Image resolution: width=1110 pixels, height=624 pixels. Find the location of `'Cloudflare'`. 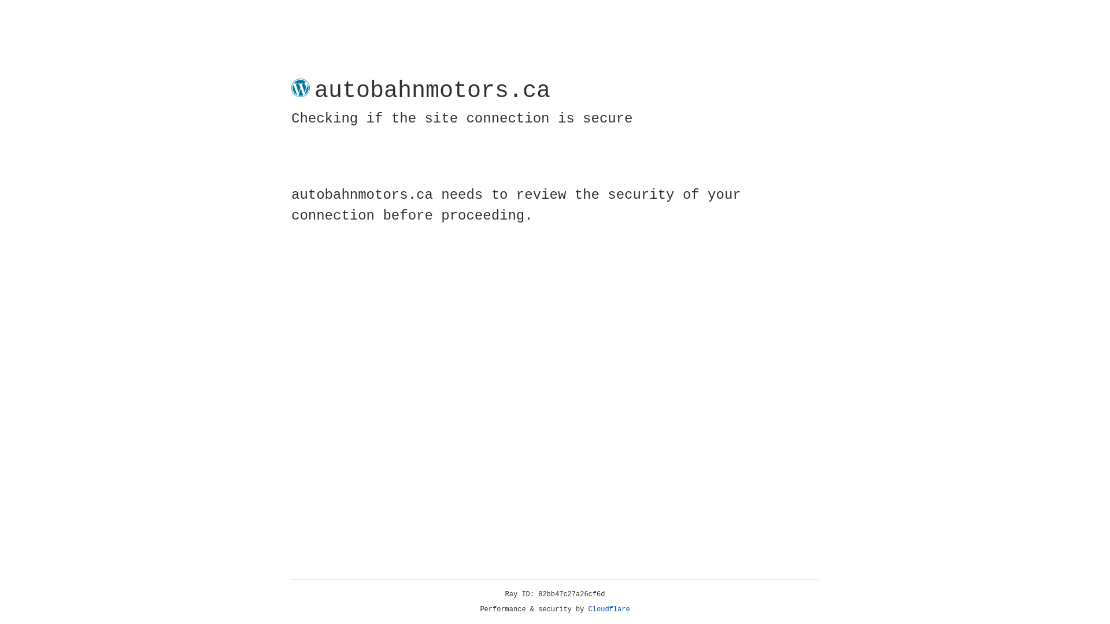

'Cloudflare' is located at coordinates (609, 609).